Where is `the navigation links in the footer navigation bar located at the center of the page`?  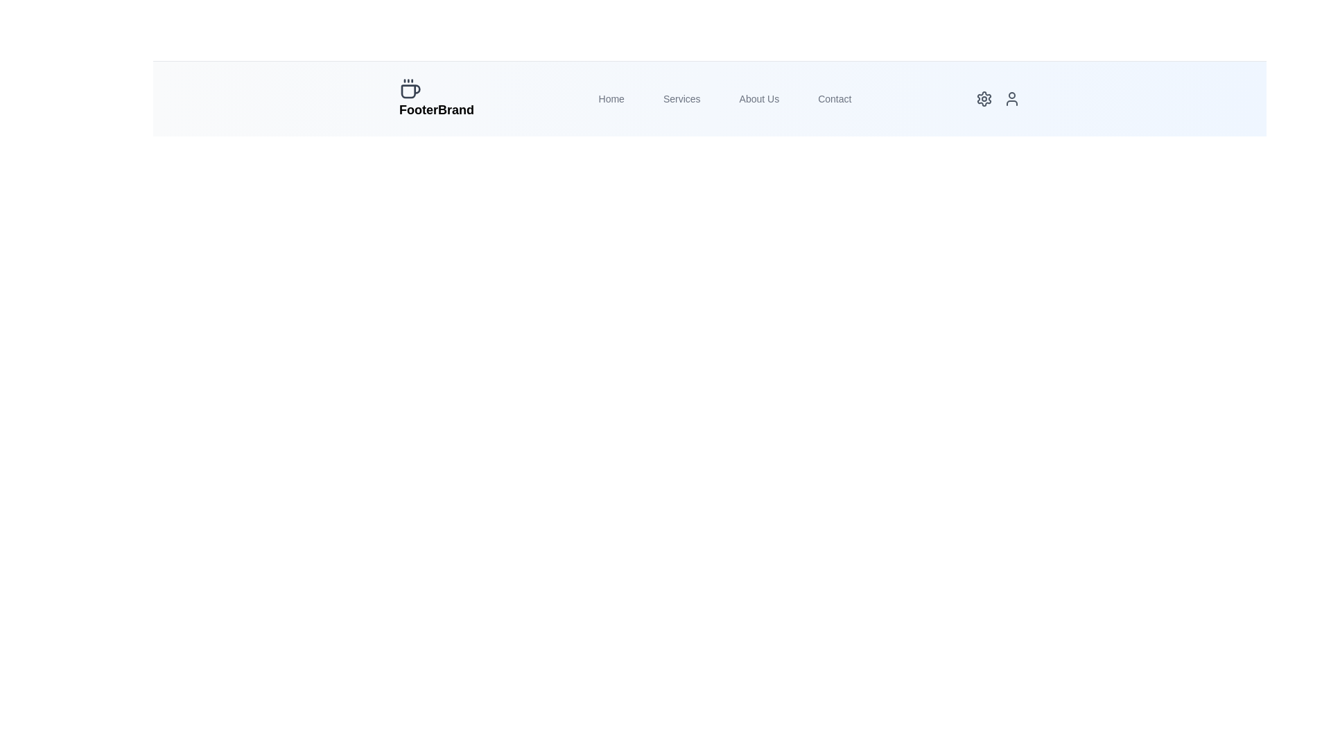 the navigation links in the footer navigation bar located at the center of the page is located at coordinates (709, 98).